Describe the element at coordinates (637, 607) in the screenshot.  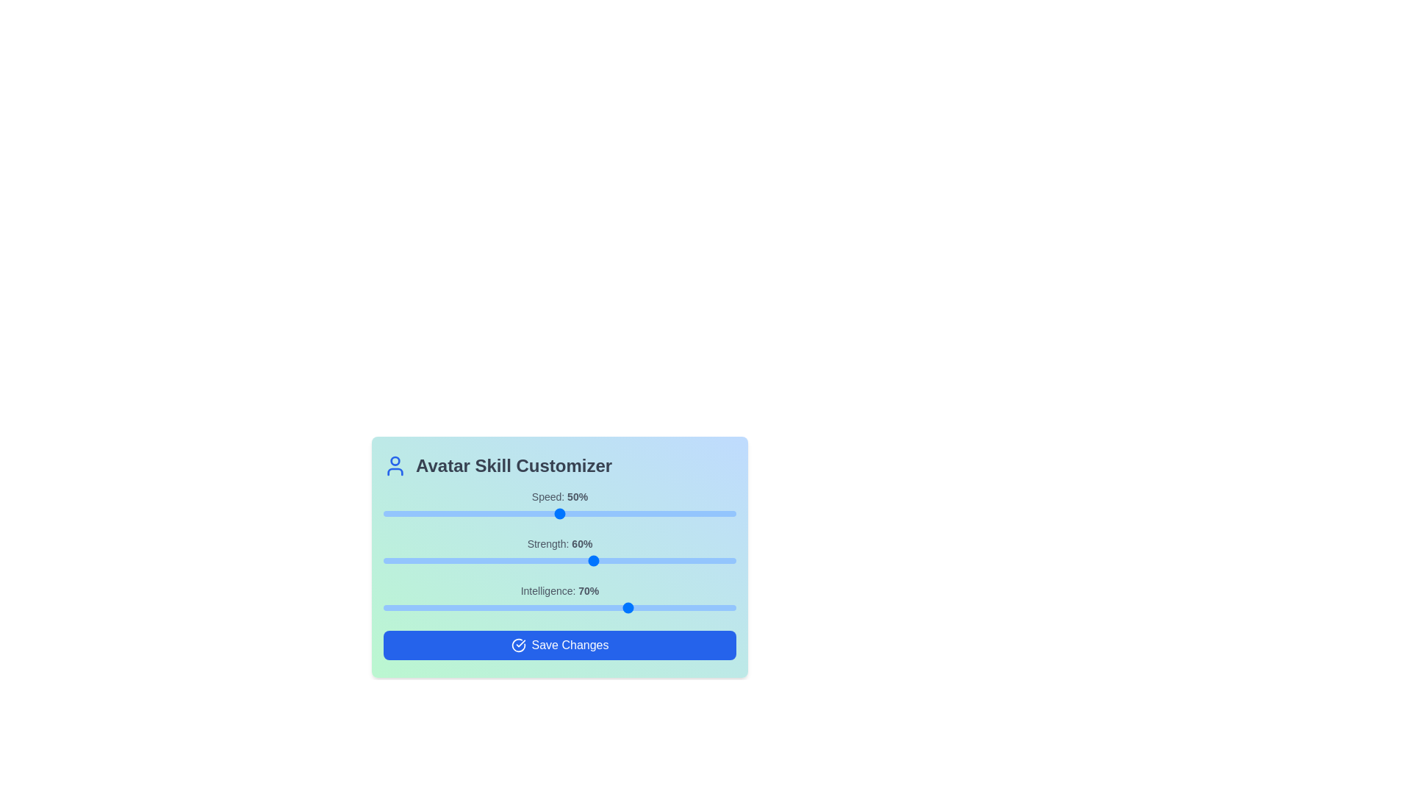
I see `intelligence level` at that location.